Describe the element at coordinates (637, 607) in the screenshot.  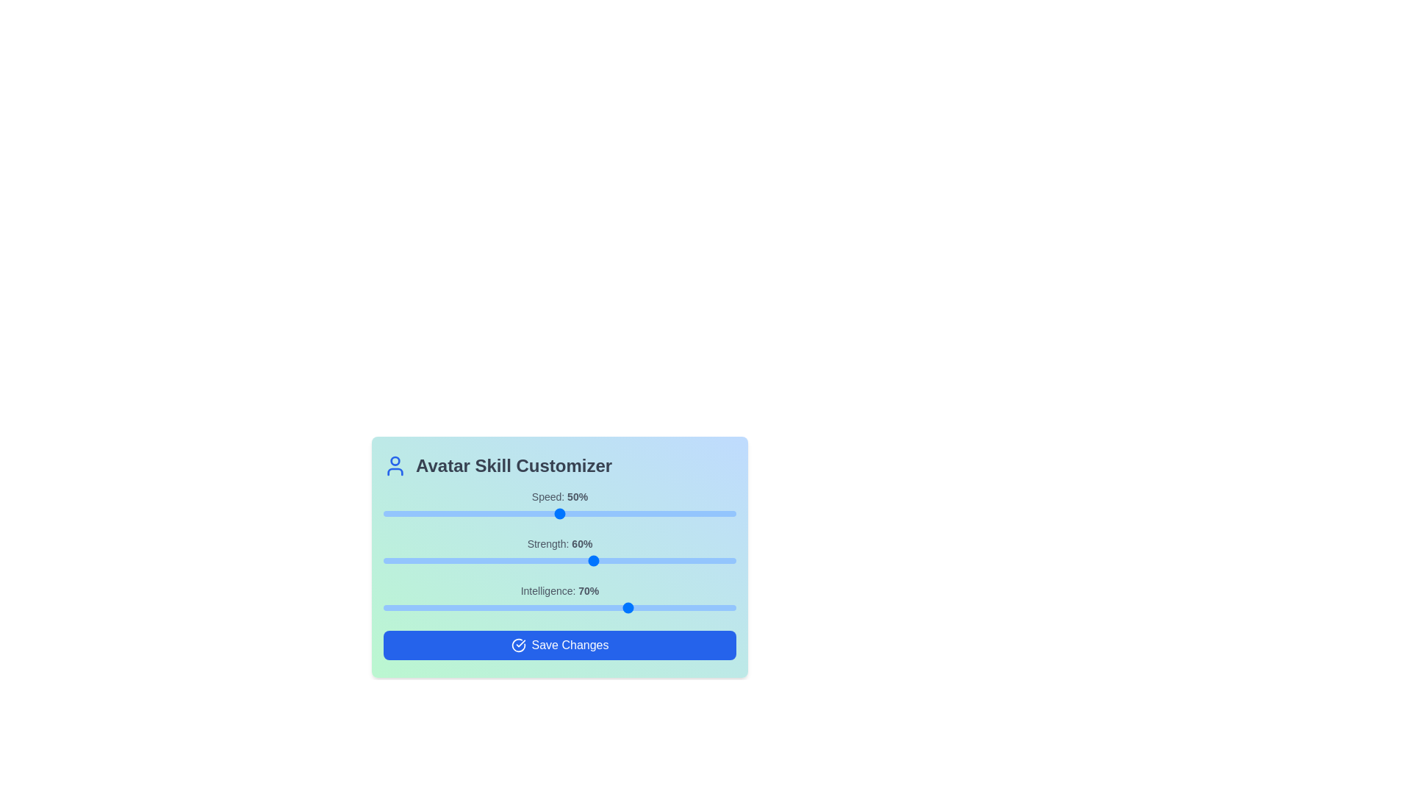
I see `intelligence level` at that location.